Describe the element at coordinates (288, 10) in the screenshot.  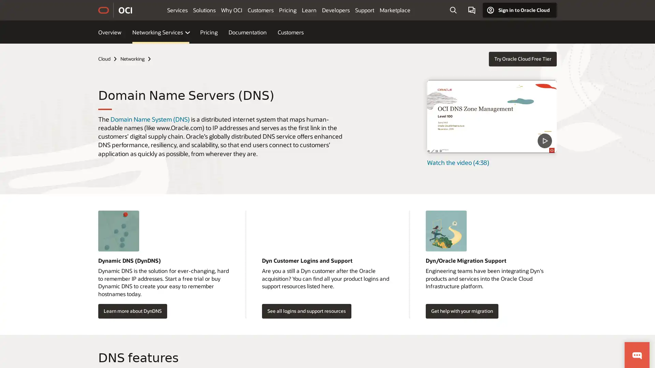
I see `Pricing` at that location.